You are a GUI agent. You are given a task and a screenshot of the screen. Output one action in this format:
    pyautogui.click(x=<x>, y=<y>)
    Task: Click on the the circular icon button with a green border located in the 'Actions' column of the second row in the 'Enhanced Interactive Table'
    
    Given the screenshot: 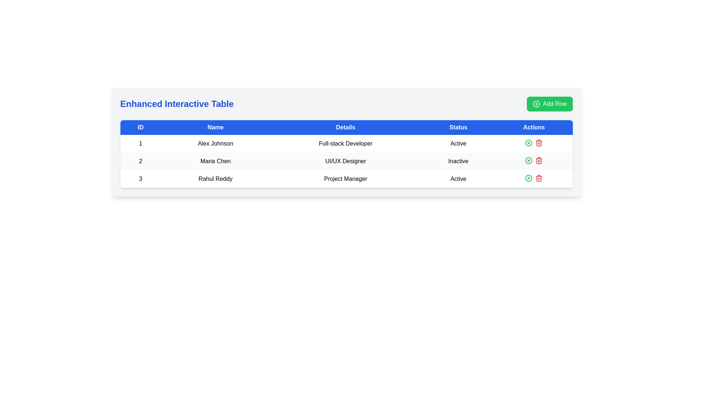 What is the action you would take?
    pyautogui.click(x=529, y=143)
    